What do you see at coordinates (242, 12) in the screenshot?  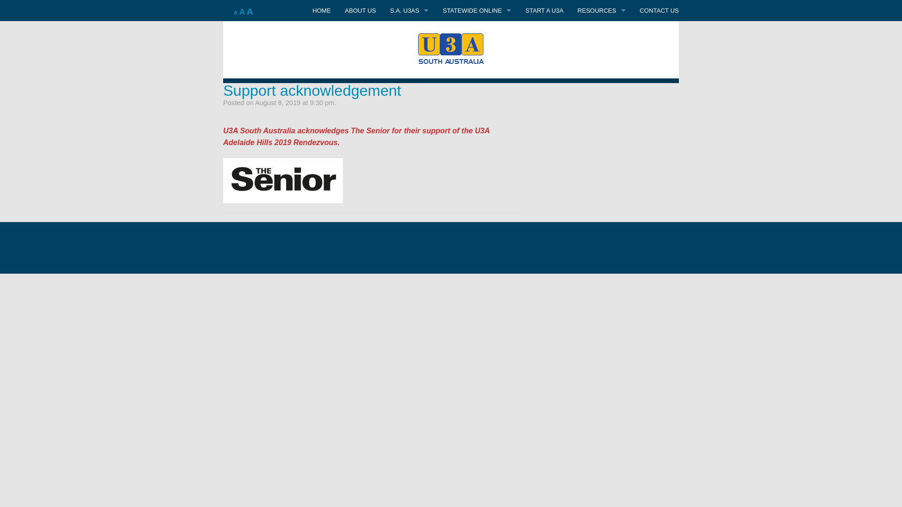 I see `'A'` at bounding box center [242, 12].